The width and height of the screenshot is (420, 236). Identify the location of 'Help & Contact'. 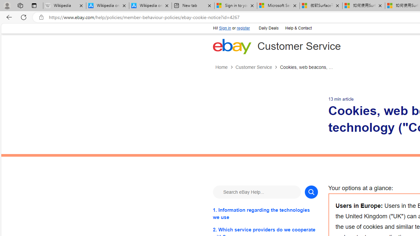
(298, 28).